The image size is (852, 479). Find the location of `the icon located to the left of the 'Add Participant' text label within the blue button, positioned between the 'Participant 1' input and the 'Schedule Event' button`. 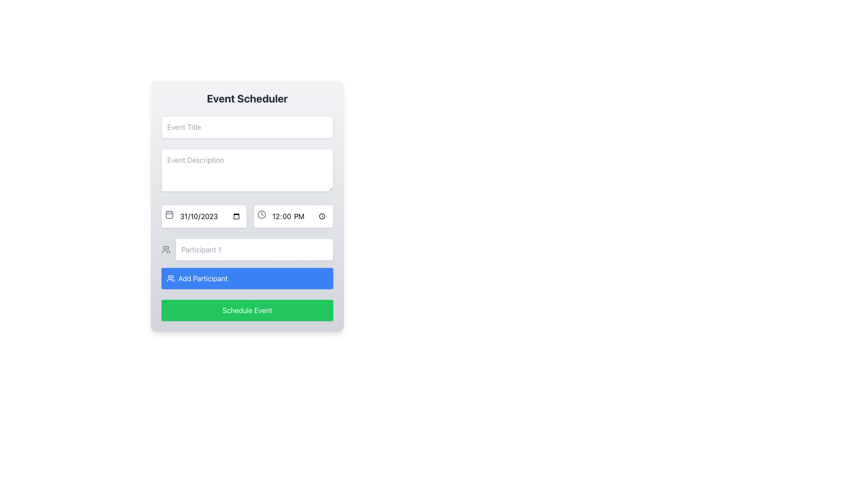

the icon located to the left of the 'Add Participant' text label within the blue button, positioned between the 'Participant 1' input and the 'Schedule Event' button is located at coordinates (170, 278).